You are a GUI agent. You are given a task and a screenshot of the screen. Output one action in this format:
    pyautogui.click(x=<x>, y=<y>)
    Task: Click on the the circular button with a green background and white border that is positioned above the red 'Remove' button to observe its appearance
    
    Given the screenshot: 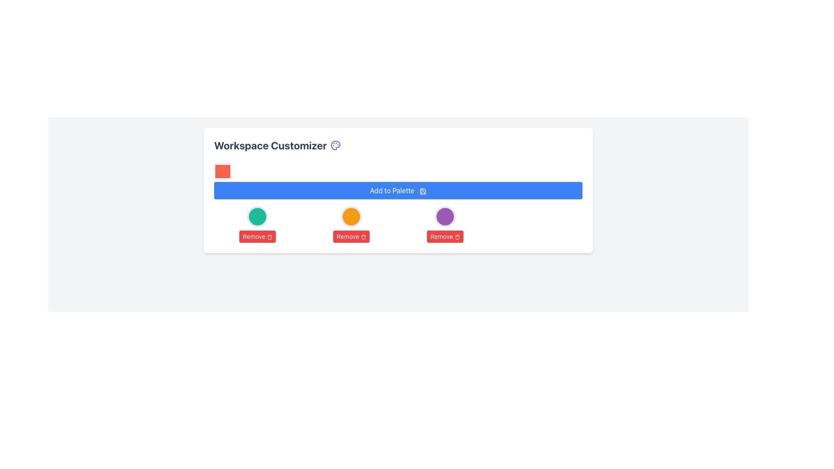 What is the action you would take?
    pyautogui.click(x=257, y=216)
    